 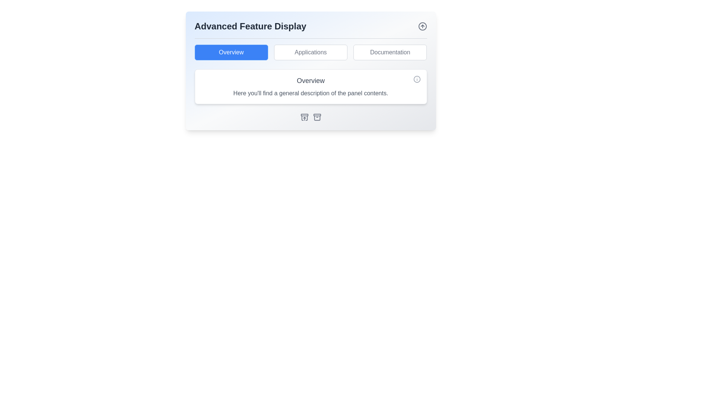 What do you see at coordinates (231, 52) in the screenshot?
I see `the rectangular 'Overview' button with a blue background and white text` at bounding box center [231, 52].